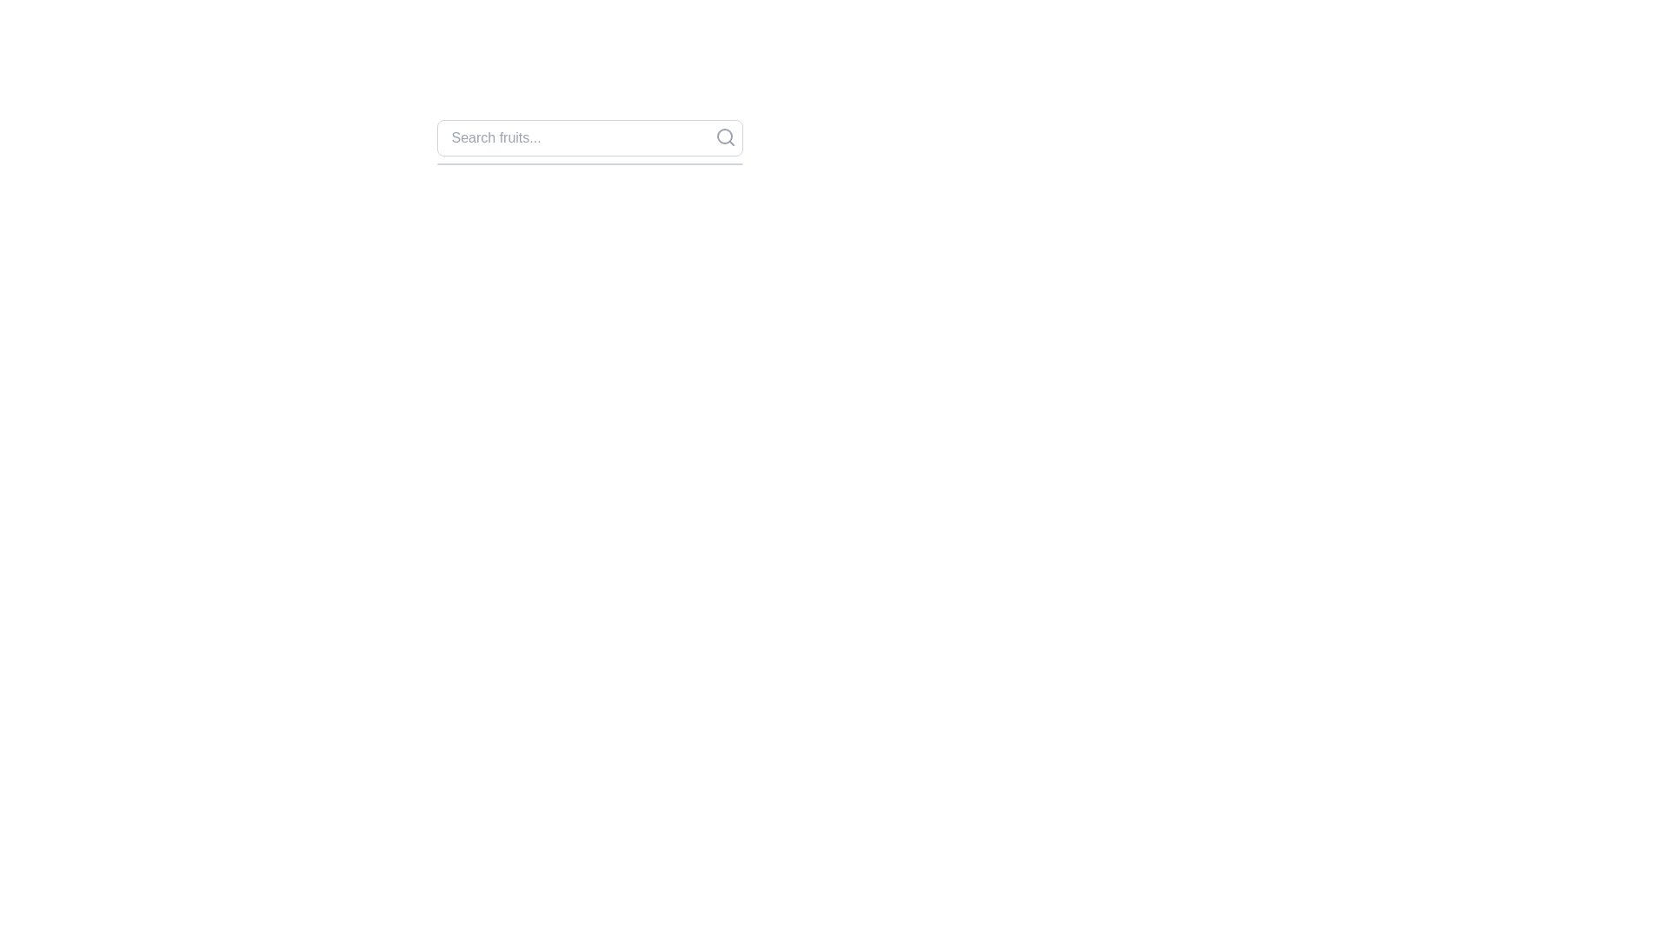 This screenshot has width=1669, height=939. I want to click on the magnifying glass icon located in the top-right corner of the 'Search fruits...' text input field to initiate the search action, so click(725, 137).